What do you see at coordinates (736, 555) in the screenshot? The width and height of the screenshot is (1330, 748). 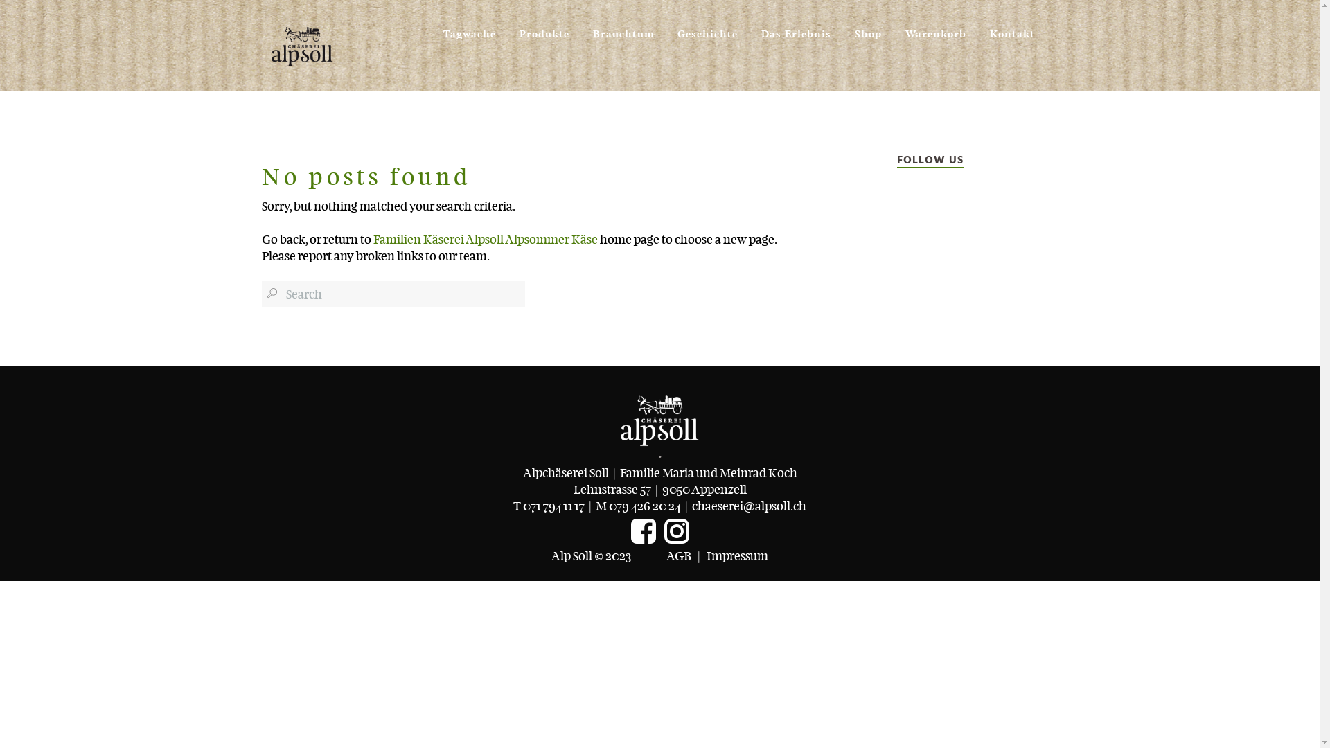 I see `'Impressum'` at bounding box center [736, 555].